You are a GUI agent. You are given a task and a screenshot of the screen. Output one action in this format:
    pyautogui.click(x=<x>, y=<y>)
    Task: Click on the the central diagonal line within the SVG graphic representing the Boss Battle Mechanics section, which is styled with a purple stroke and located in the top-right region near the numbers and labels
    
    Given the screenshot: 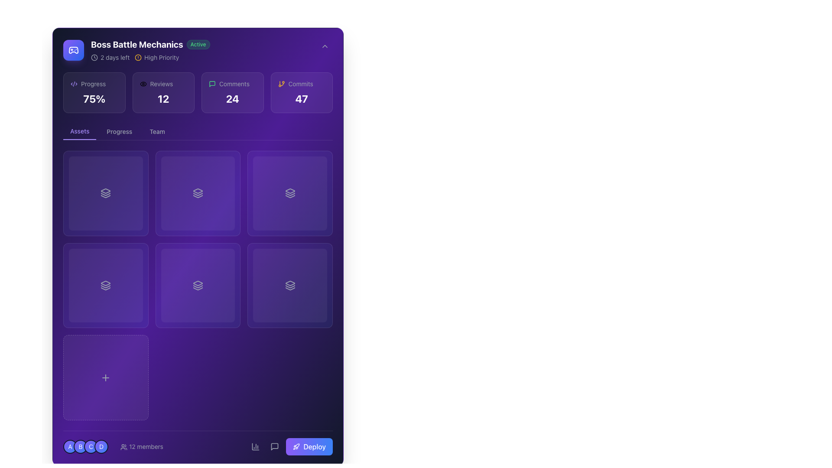 What is the action you would take?
    pyautogui.click(x=74, y=84)
    